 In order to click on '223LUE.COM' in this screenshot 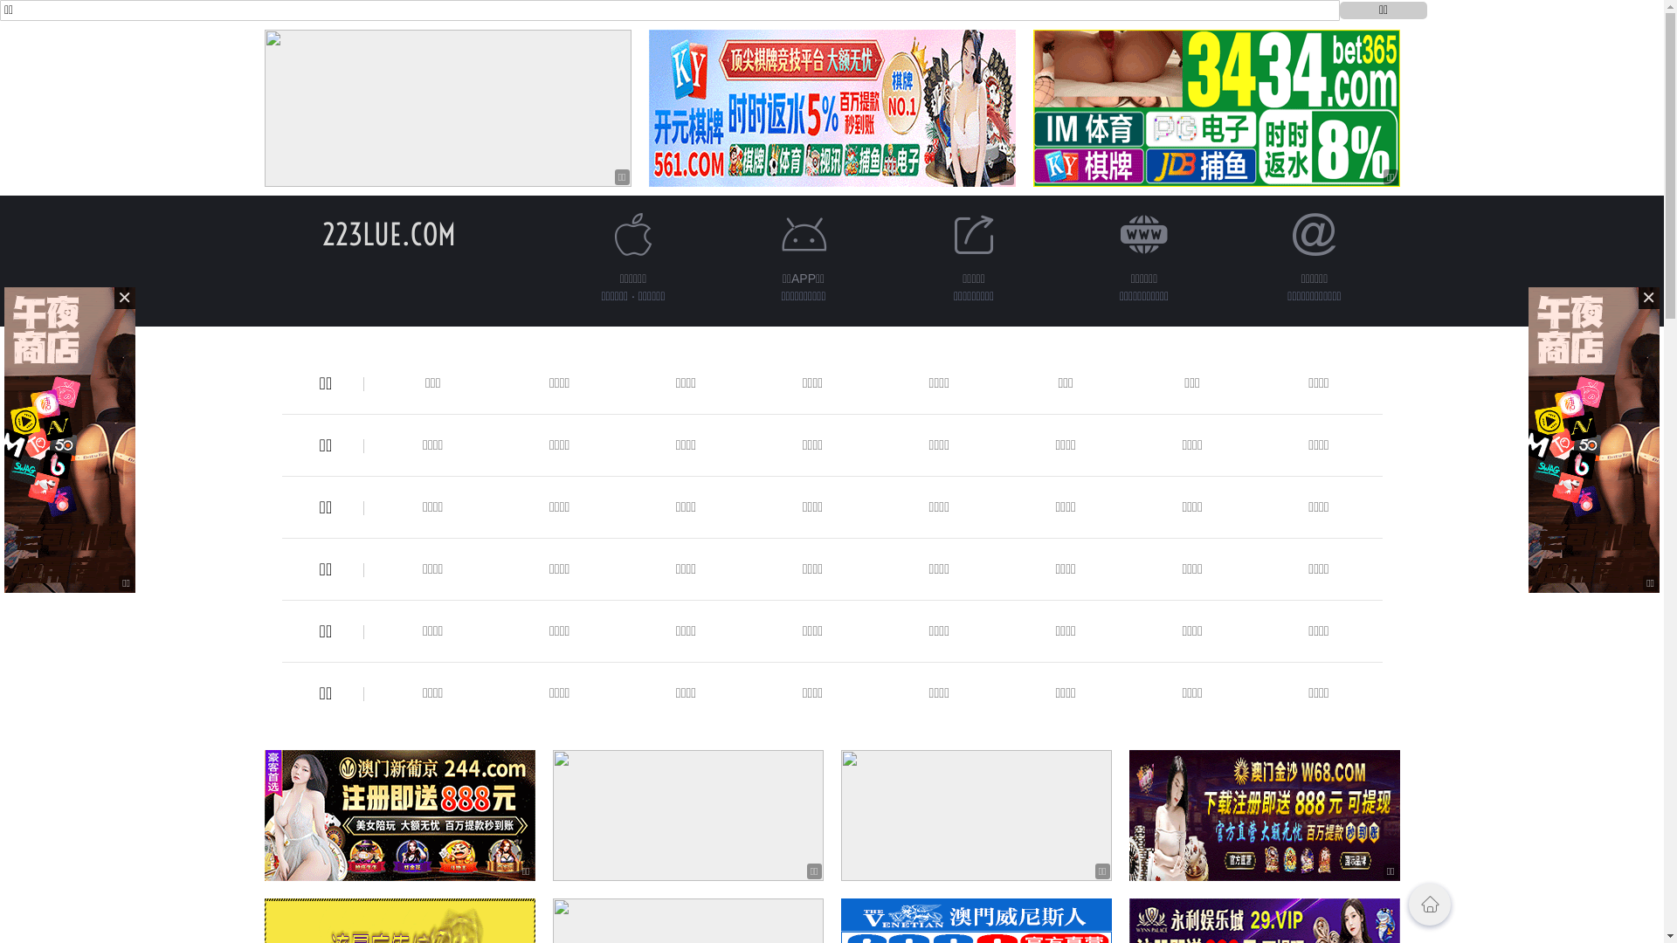, I will do `click(322, 233)`.